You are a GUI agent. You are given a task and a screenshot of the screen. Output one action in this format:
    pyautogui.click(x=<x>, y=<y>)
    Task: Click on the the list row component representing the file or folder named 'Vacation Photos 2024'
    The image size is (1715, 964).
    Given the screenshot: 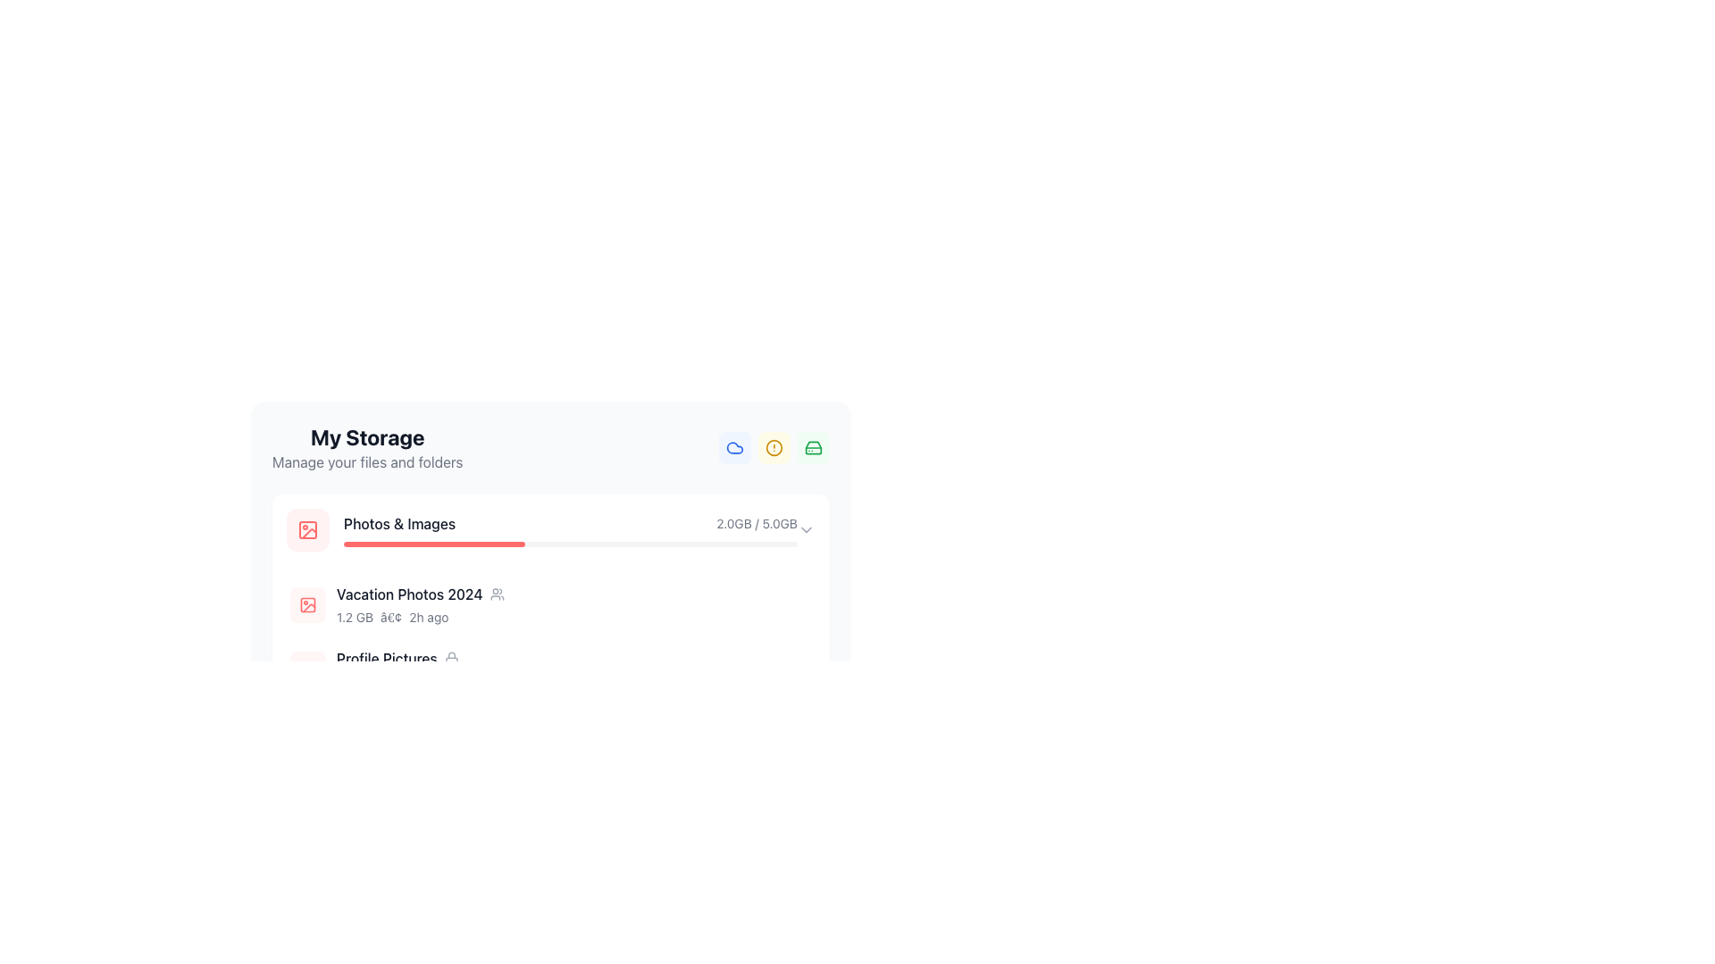 What is the action you would take?
    pyautogui.click(x=550, y=604)
    